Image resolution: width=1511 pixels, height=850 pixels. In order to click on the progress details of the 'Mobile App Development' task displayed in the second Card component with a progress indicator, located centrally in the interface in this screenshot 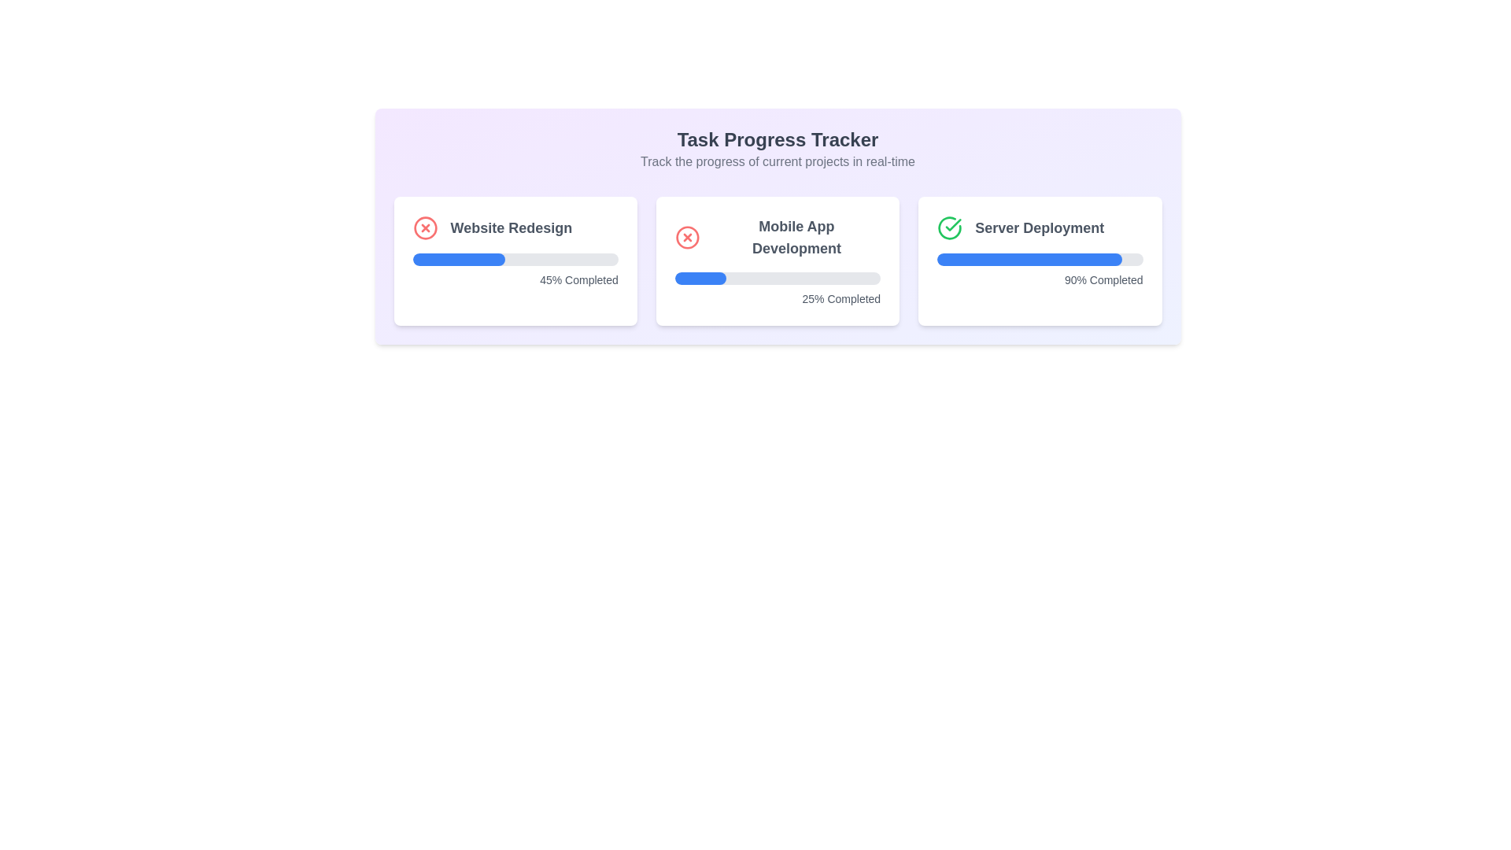, I will do `click(778, 260)`.